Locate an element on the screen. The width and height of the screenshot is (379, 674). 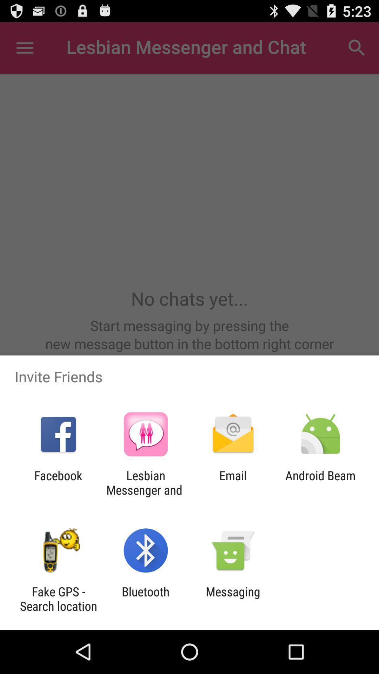
app to the right of fake gps search item is located at coordinates (145, 599).